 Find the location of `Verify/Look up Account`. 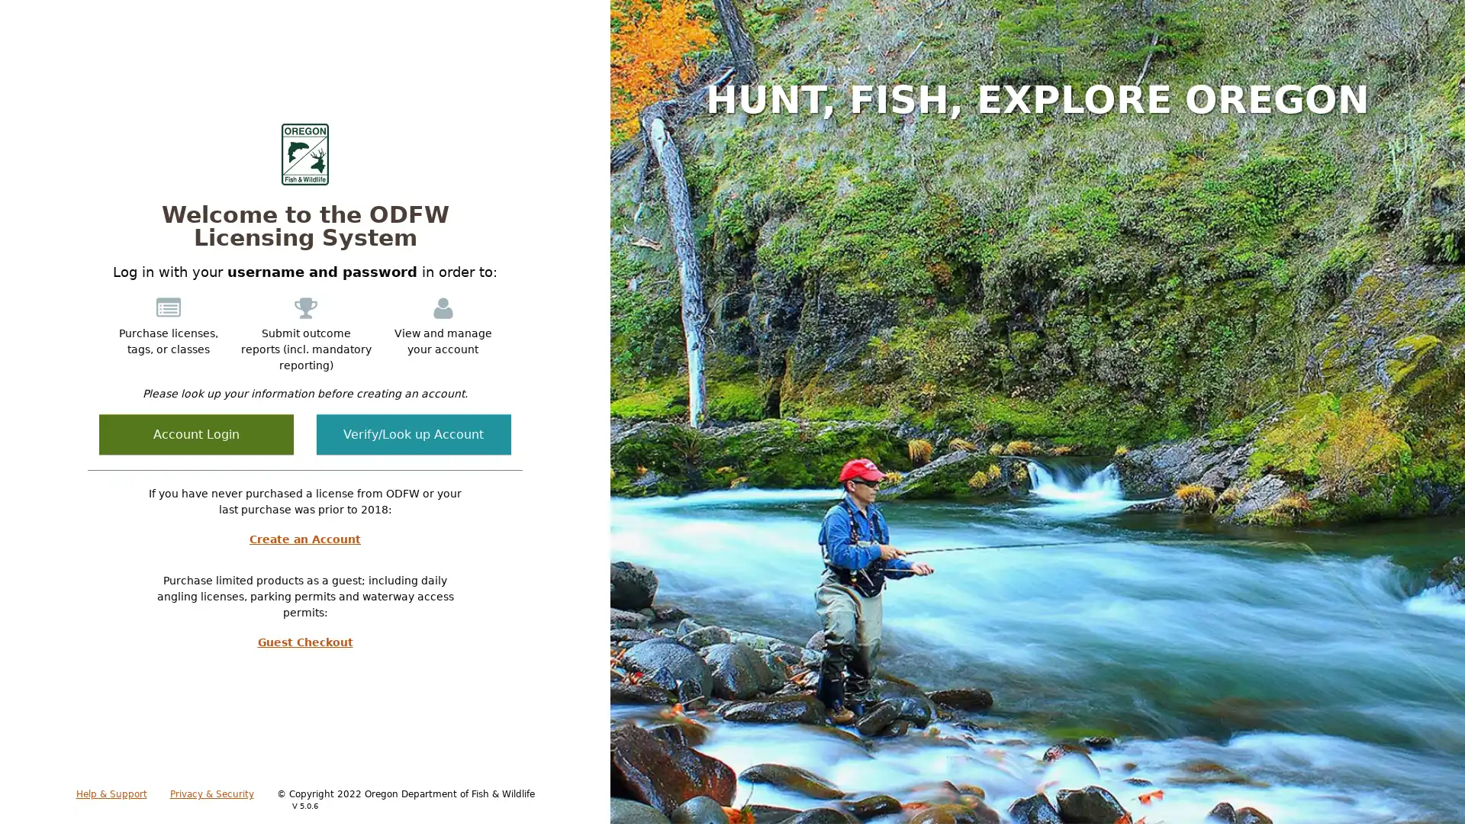

Verify/Look up Account is located at coordinates (414, 434).